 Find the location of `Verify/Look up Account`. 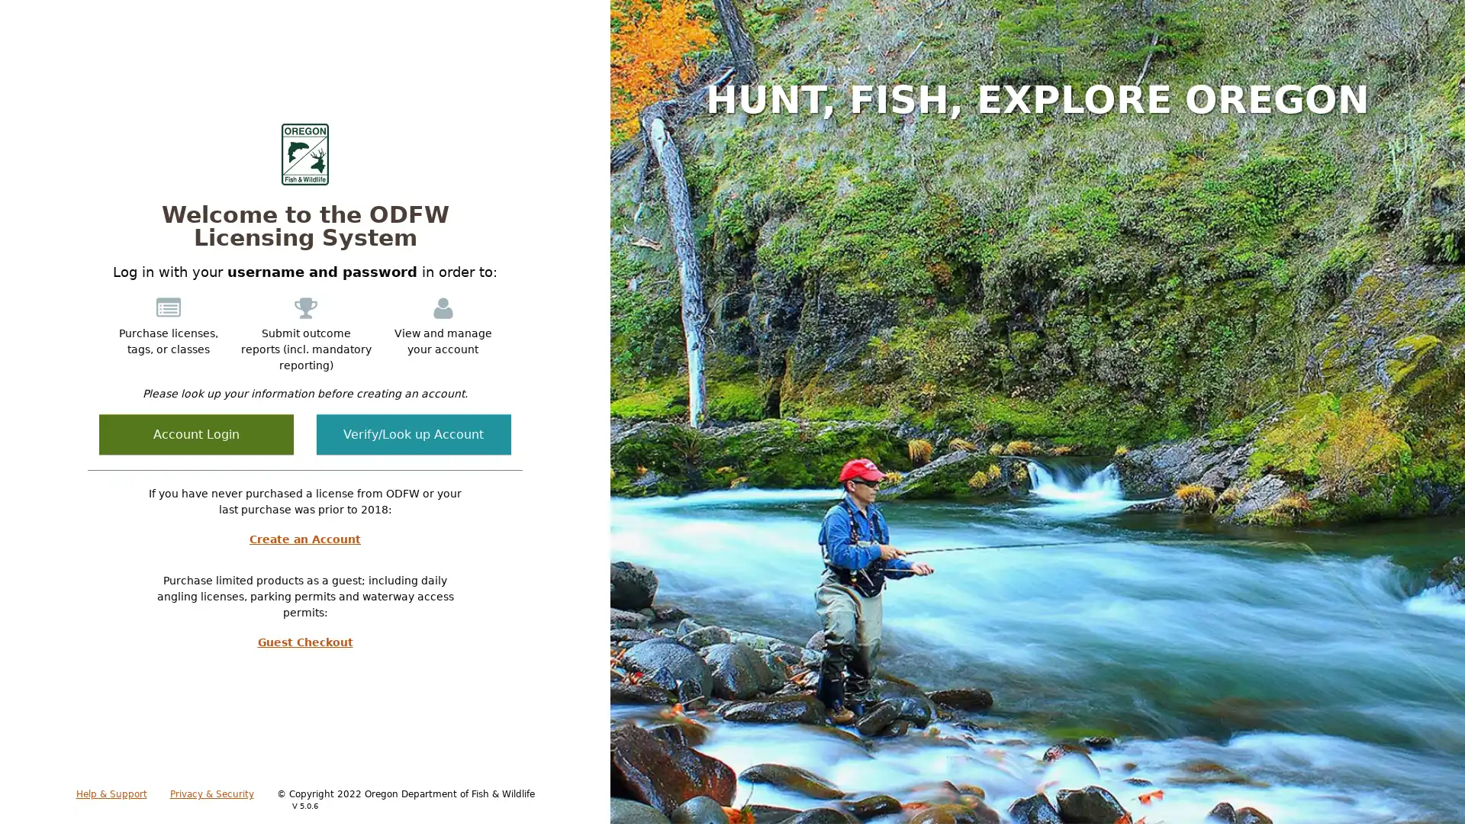

Verify/Look up Account is located at coordinates (414, 434).